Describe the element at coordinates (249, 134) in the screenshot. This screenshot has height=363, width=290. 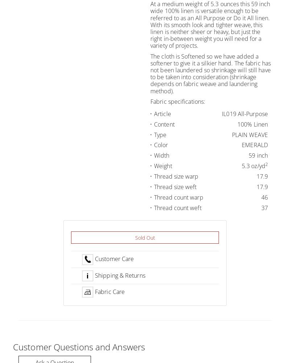
I see `'PLAIN WEAVE'` at that location.